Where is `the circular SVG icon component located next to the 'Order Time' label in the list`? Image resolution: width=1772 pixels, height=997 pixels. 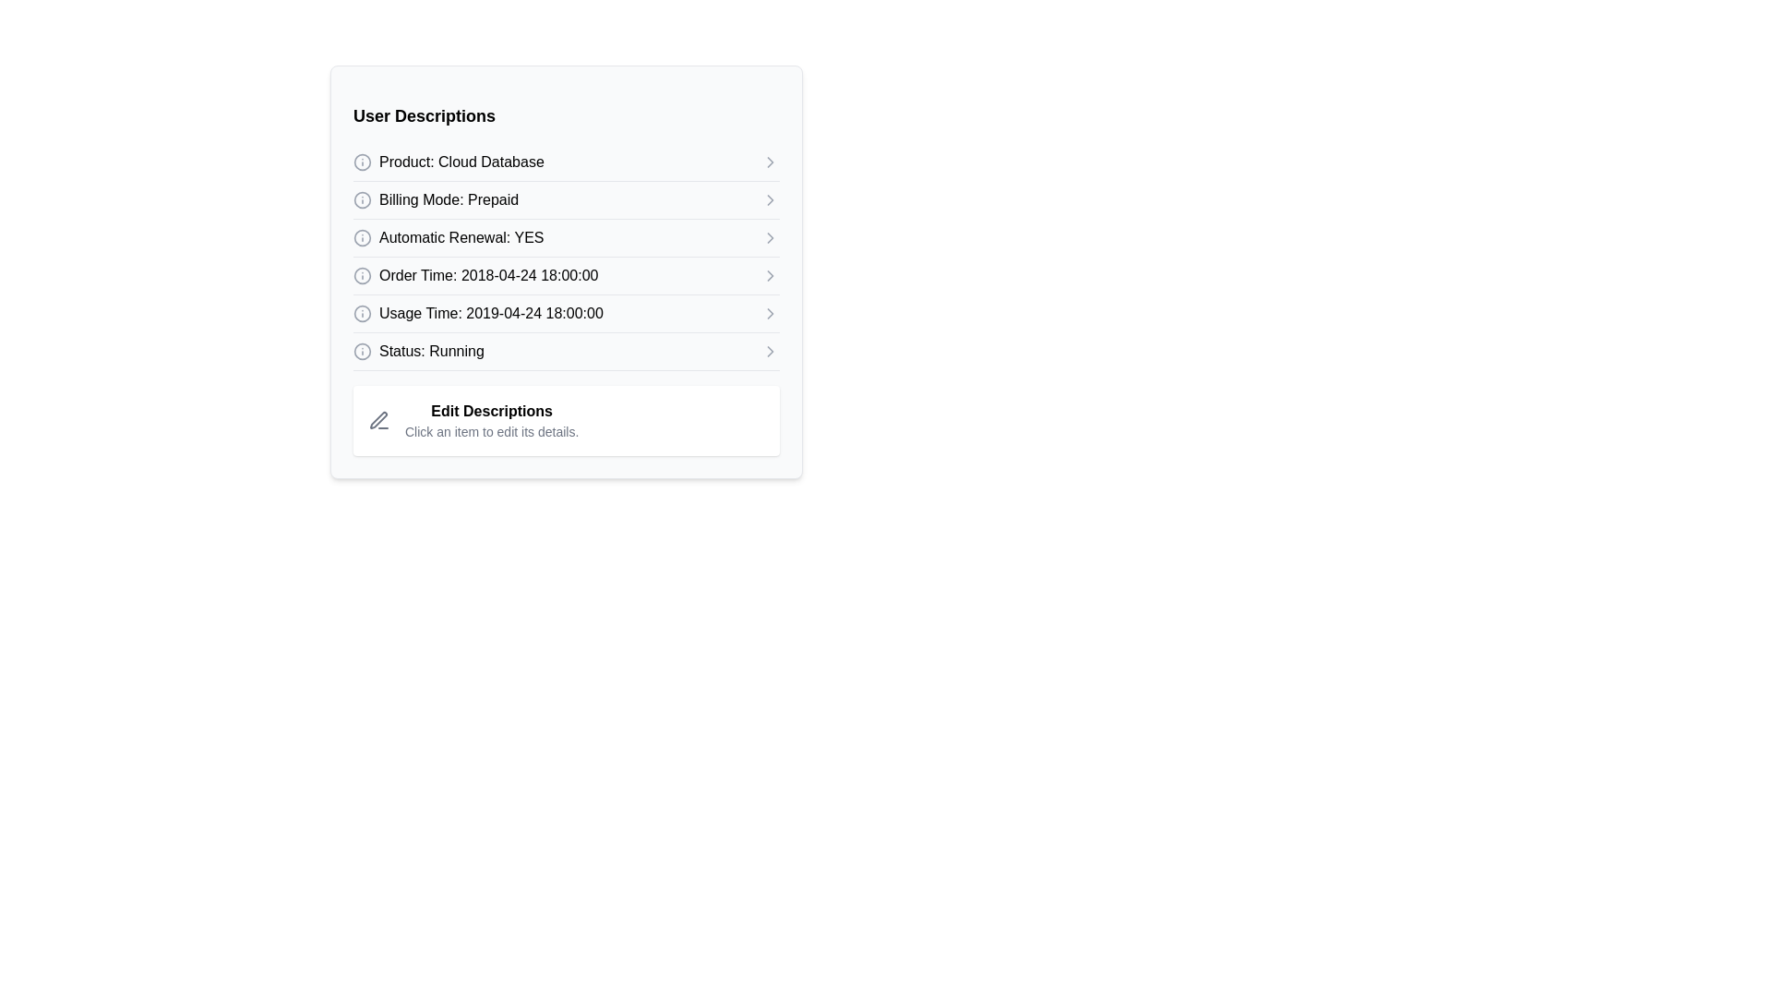
the circular SVG icon component located next to the 'Order Time' label in the list is located at coordinates (363, 276).